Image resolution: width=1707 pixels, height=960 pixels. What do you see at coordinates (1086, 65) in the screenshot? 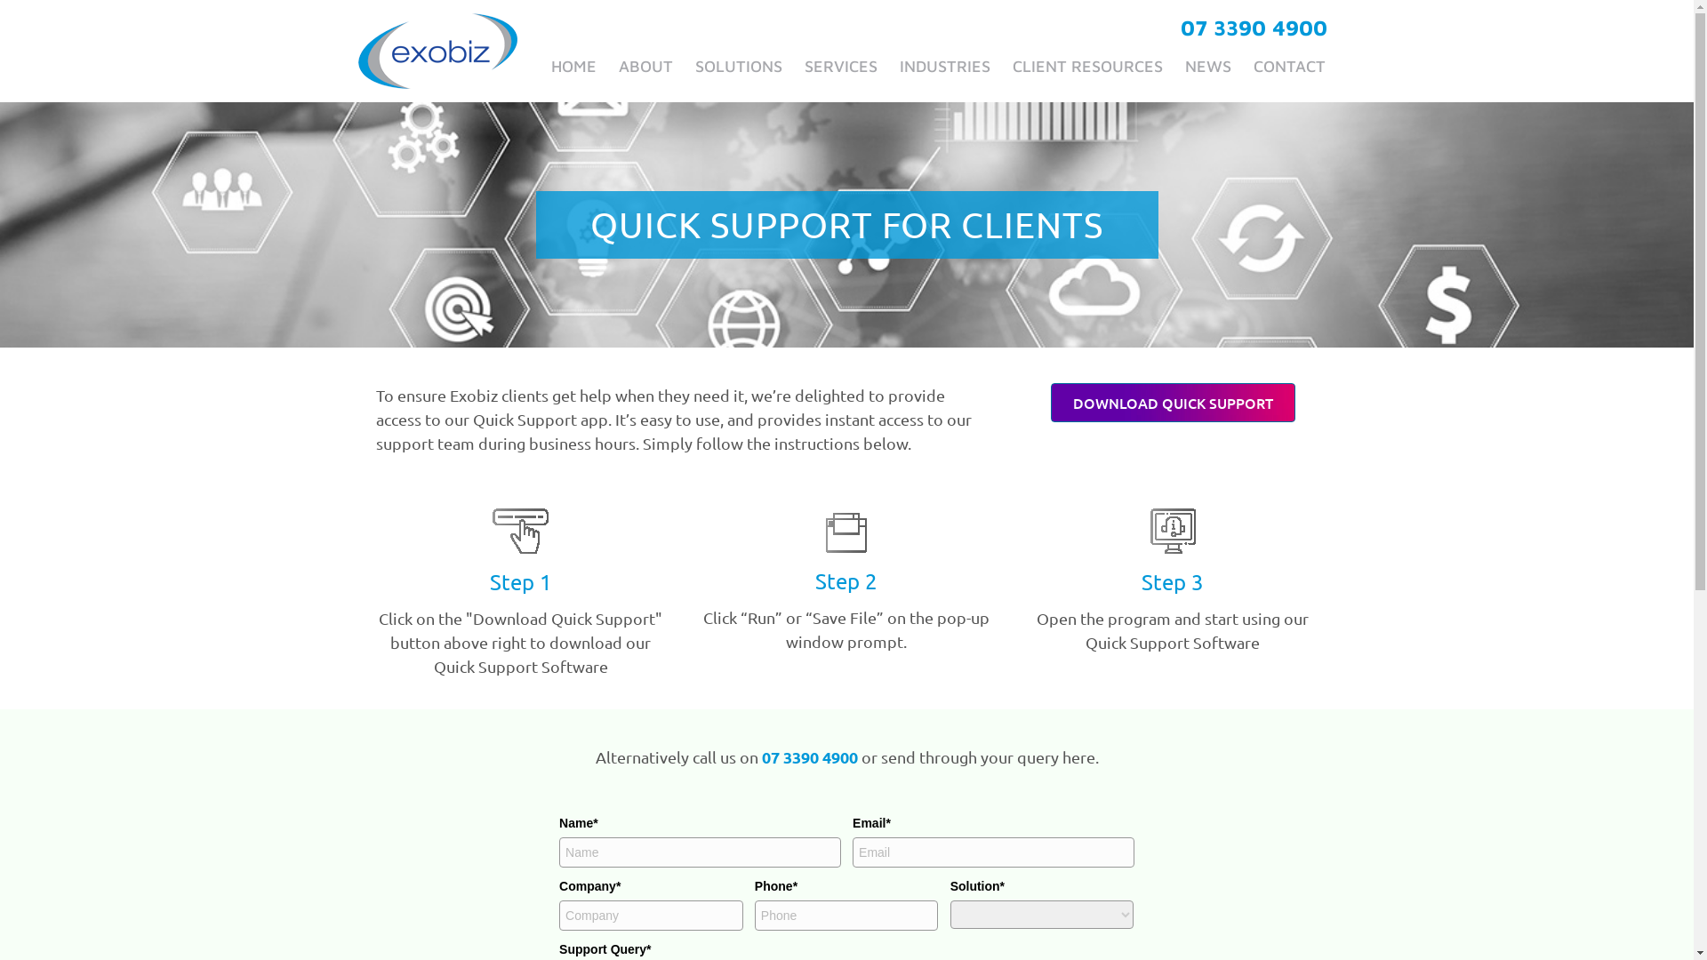
I see `'CLIENT RESOURCES'` at bounding box center [1086, 65].